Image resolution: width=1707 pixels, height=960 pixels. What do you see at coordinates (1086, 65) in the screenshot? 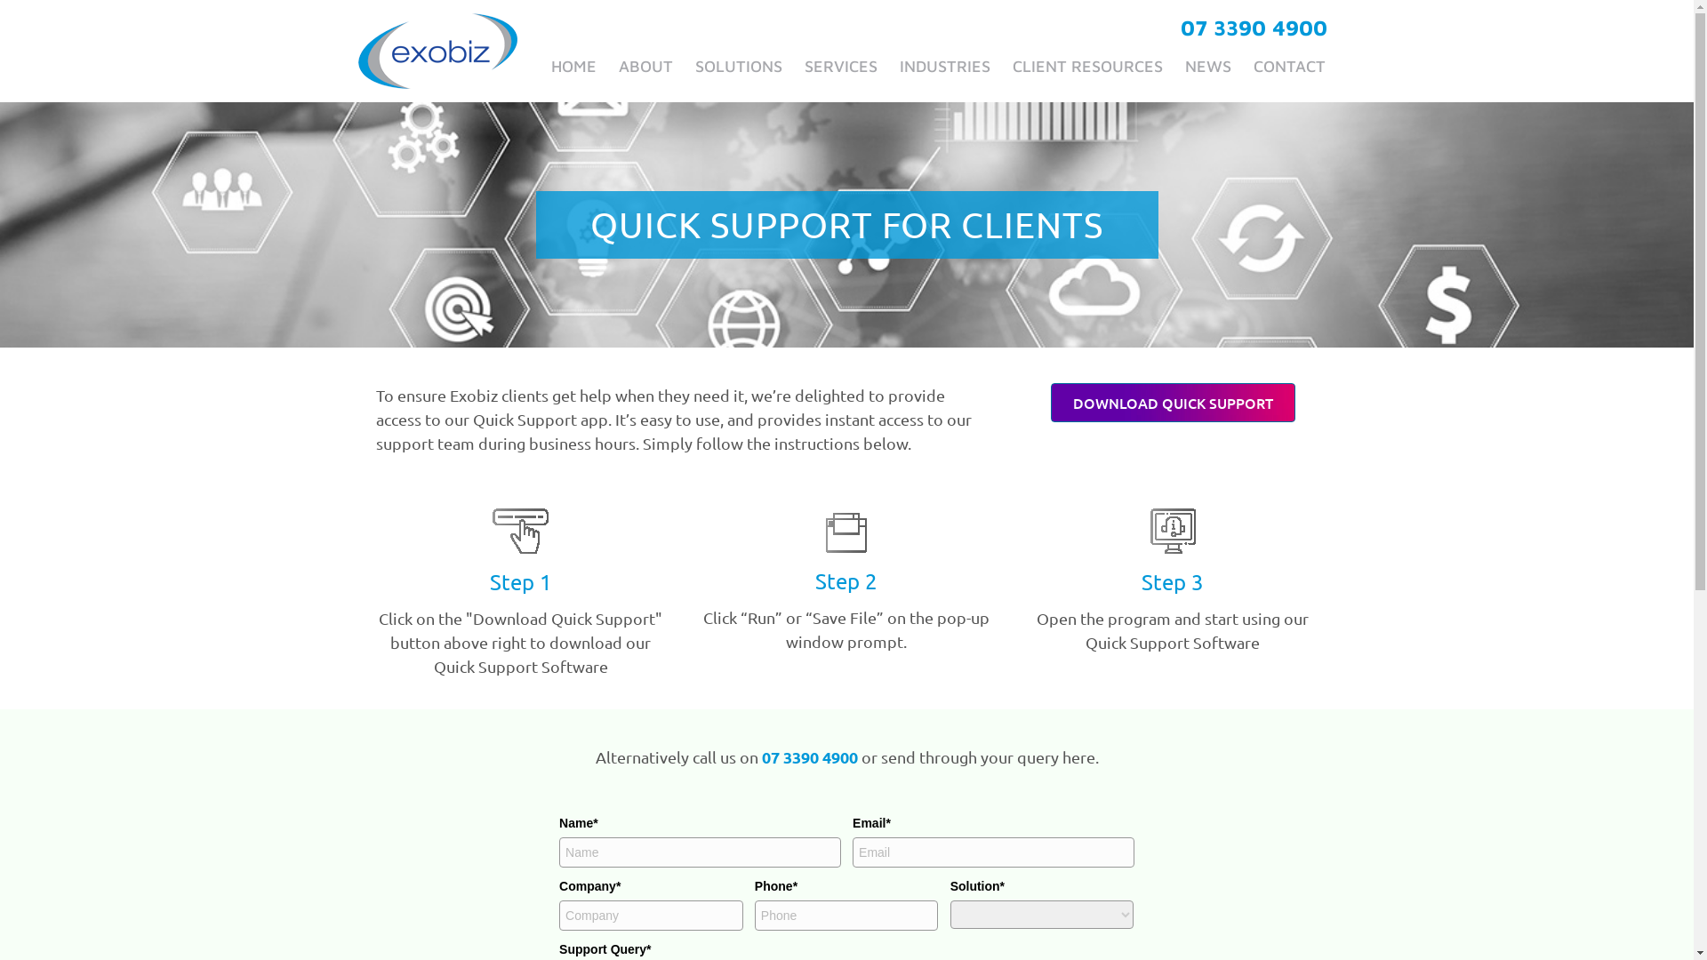
I see `'CLIENT RESOURCES'` at bounding box center [1086, 65].